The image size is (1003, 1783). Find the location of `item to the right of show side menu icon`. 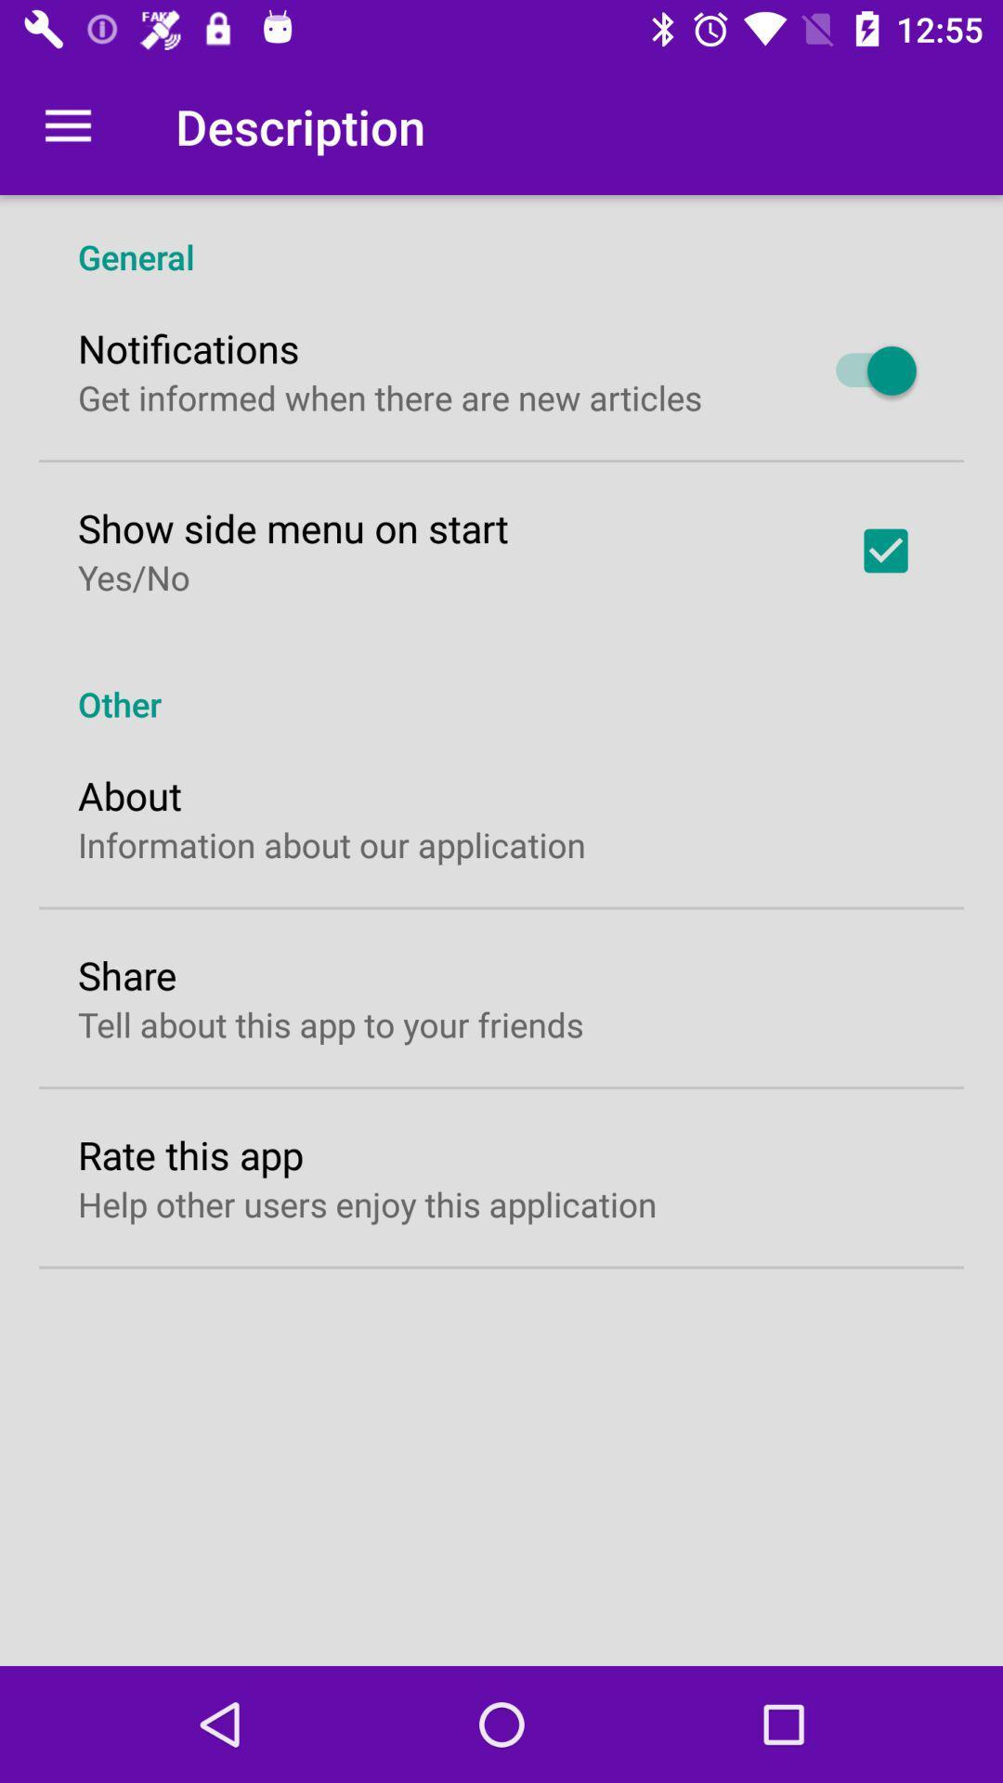

item to the right of show side menu icon is located at coordinates (884, 550).